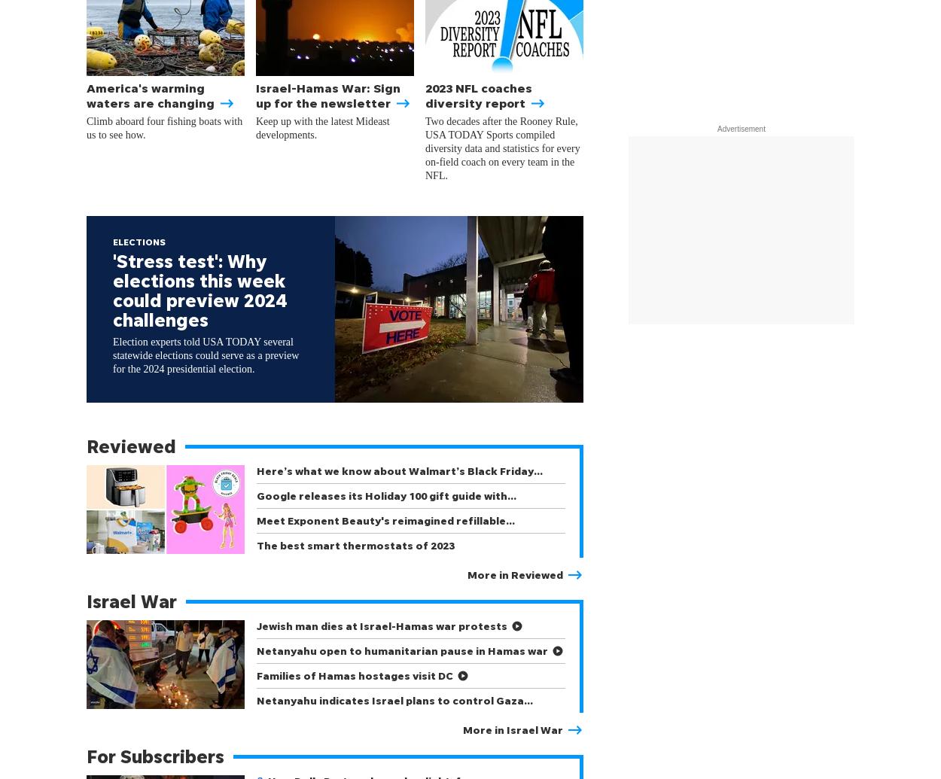  I want to click on 'Jewish man dies at Israel-Hamas war protests', so click(382, 625).